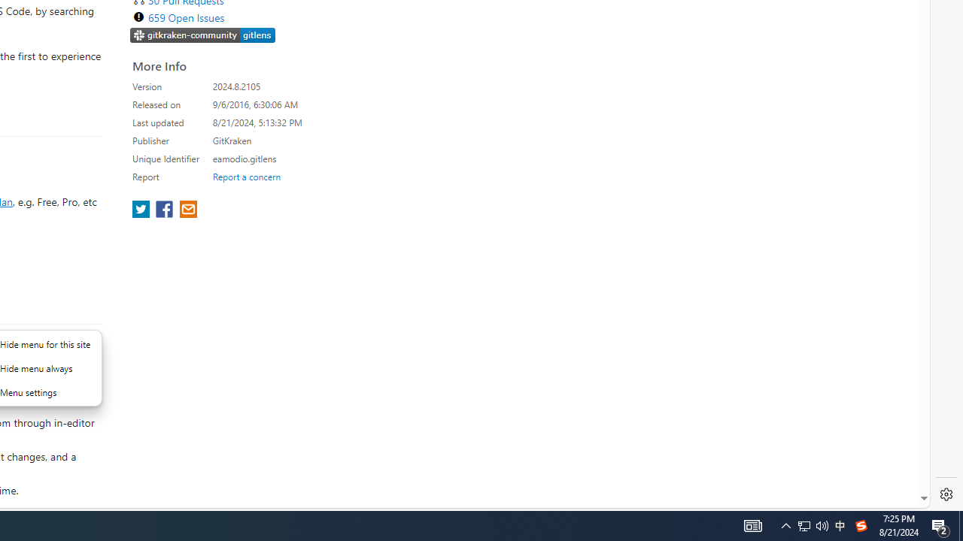 Image resolution: width=963 pixels, height=541 pixels. What do you see at coordinates (246, 176) in the screenshot?
I see `'Report a concern'` at bounding box center [246, 176].